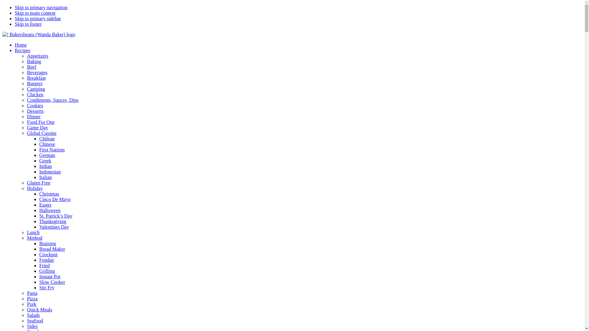 The image size is (589, 331). Describe the element at coordinates (33, 61) in the screenshot. I see `'Baking'` at that location.